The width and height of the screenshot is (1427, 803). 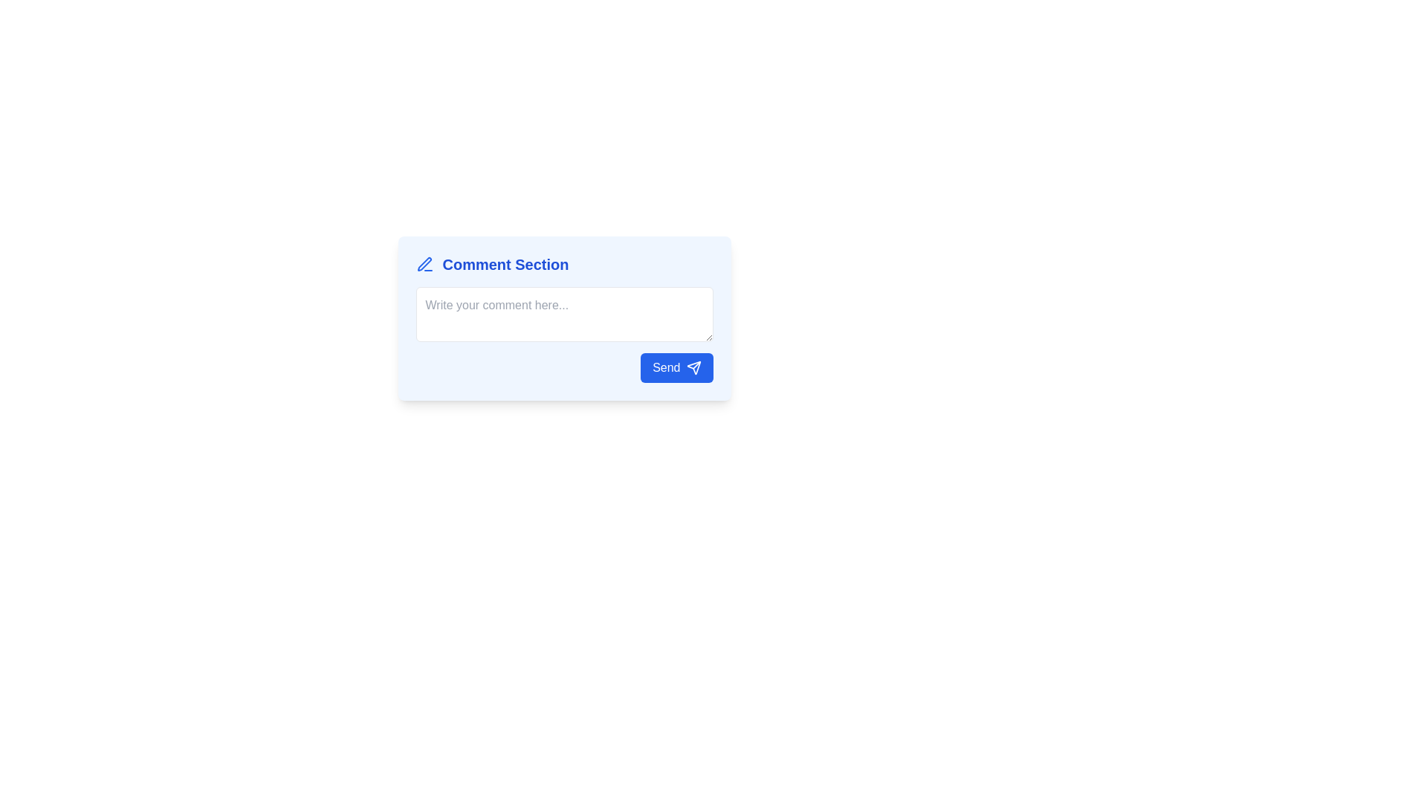 What do you see at coordinates (693, 367) in the screenshot?
I see `the blue paper plane-shaped icon adjacent to the 'Send' button located in the bottom-right corner of the comment input section` at bounding box center [693, 367].